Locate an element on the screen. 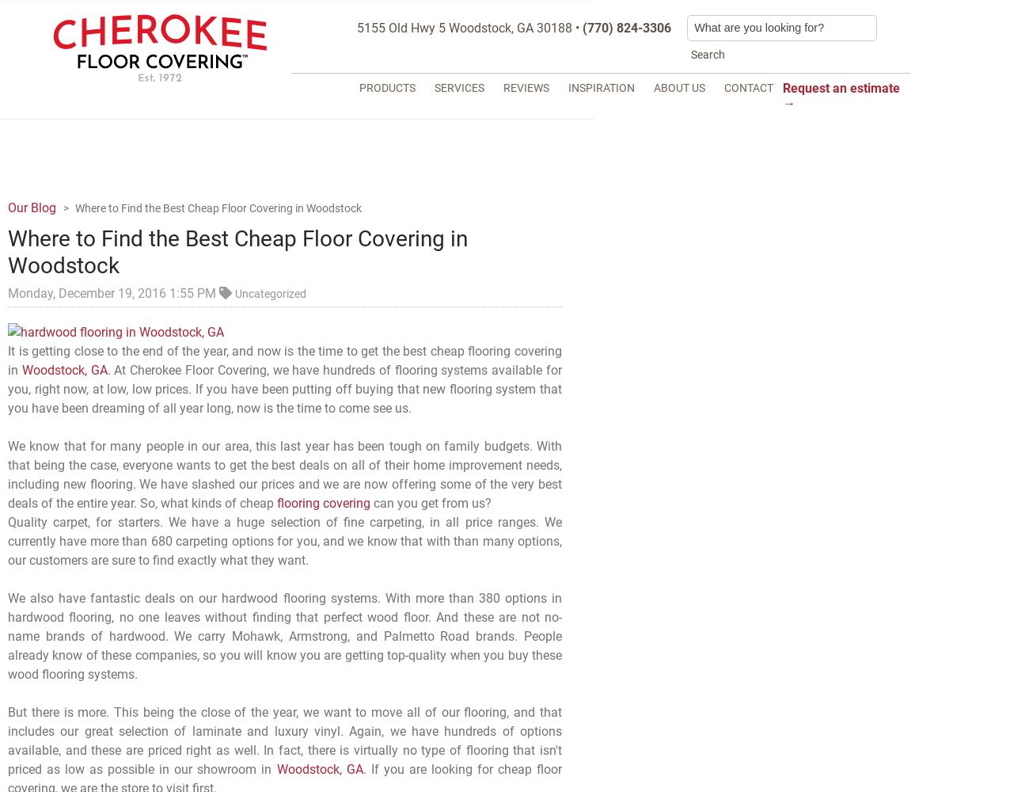  'We also have fantastic deals on our hardwood flooring systems. With more than 380 options in hardwood flooring, no one leaves without finding that perfect wood floor. And these are not no-name brands of hardwood. We carry Mohawk, Armstrong, and Palmetto Road brands. People already know of these companies, so you will know you are getting top-quality when you buy these wood flooring systems.' is located at coordinates (283, 636).